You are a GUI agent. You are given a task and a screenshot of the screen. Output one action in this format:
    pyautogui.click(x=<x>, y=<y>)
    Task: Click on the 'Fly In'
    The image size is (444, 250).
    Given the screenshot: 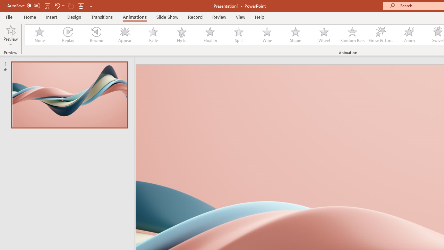 What is the action you would take?
    pyautogui.click(x=181, y=35)
    